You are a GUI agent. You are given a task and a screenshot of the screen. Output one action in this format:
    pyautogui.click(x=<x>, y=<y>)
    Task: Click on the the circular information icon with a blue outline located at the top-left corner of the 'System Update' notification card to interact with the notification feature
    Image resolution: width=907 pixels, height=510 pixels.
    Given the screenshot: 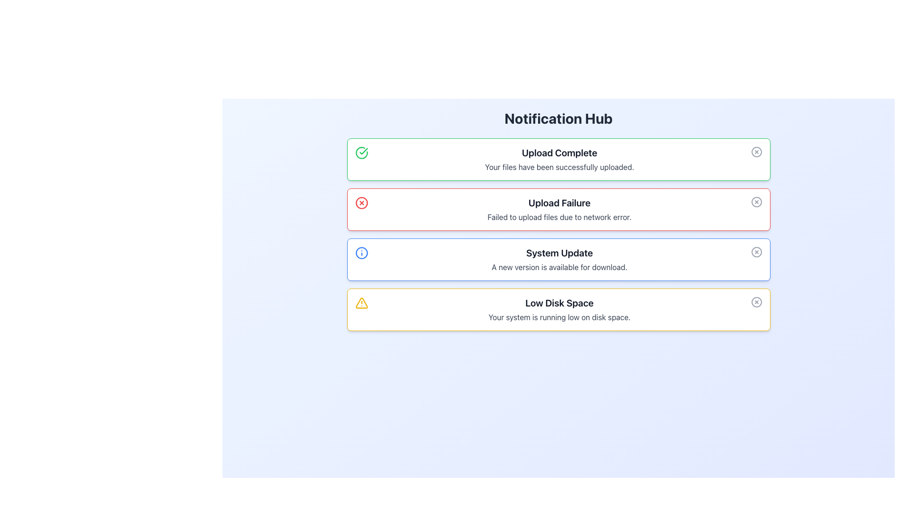 What is the action you would take?
    pyautogui.click(x=361, y=253)
    